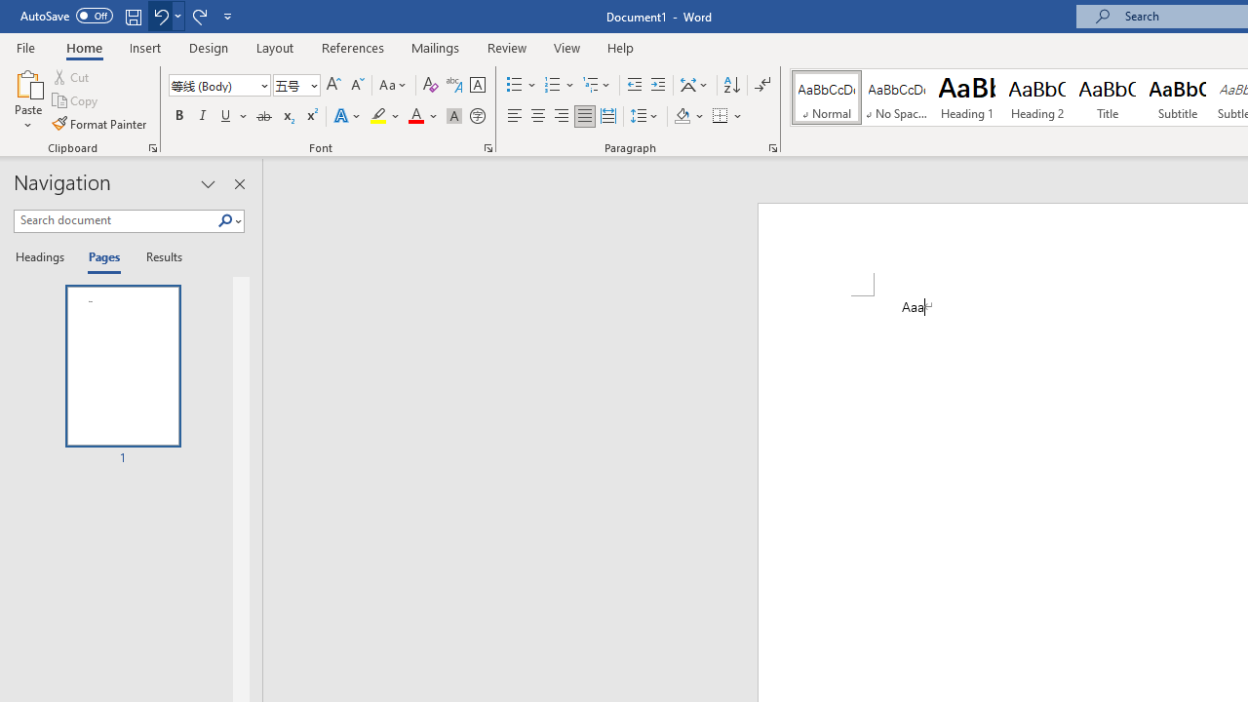  I want to click on 'Review', so click(507, 47).